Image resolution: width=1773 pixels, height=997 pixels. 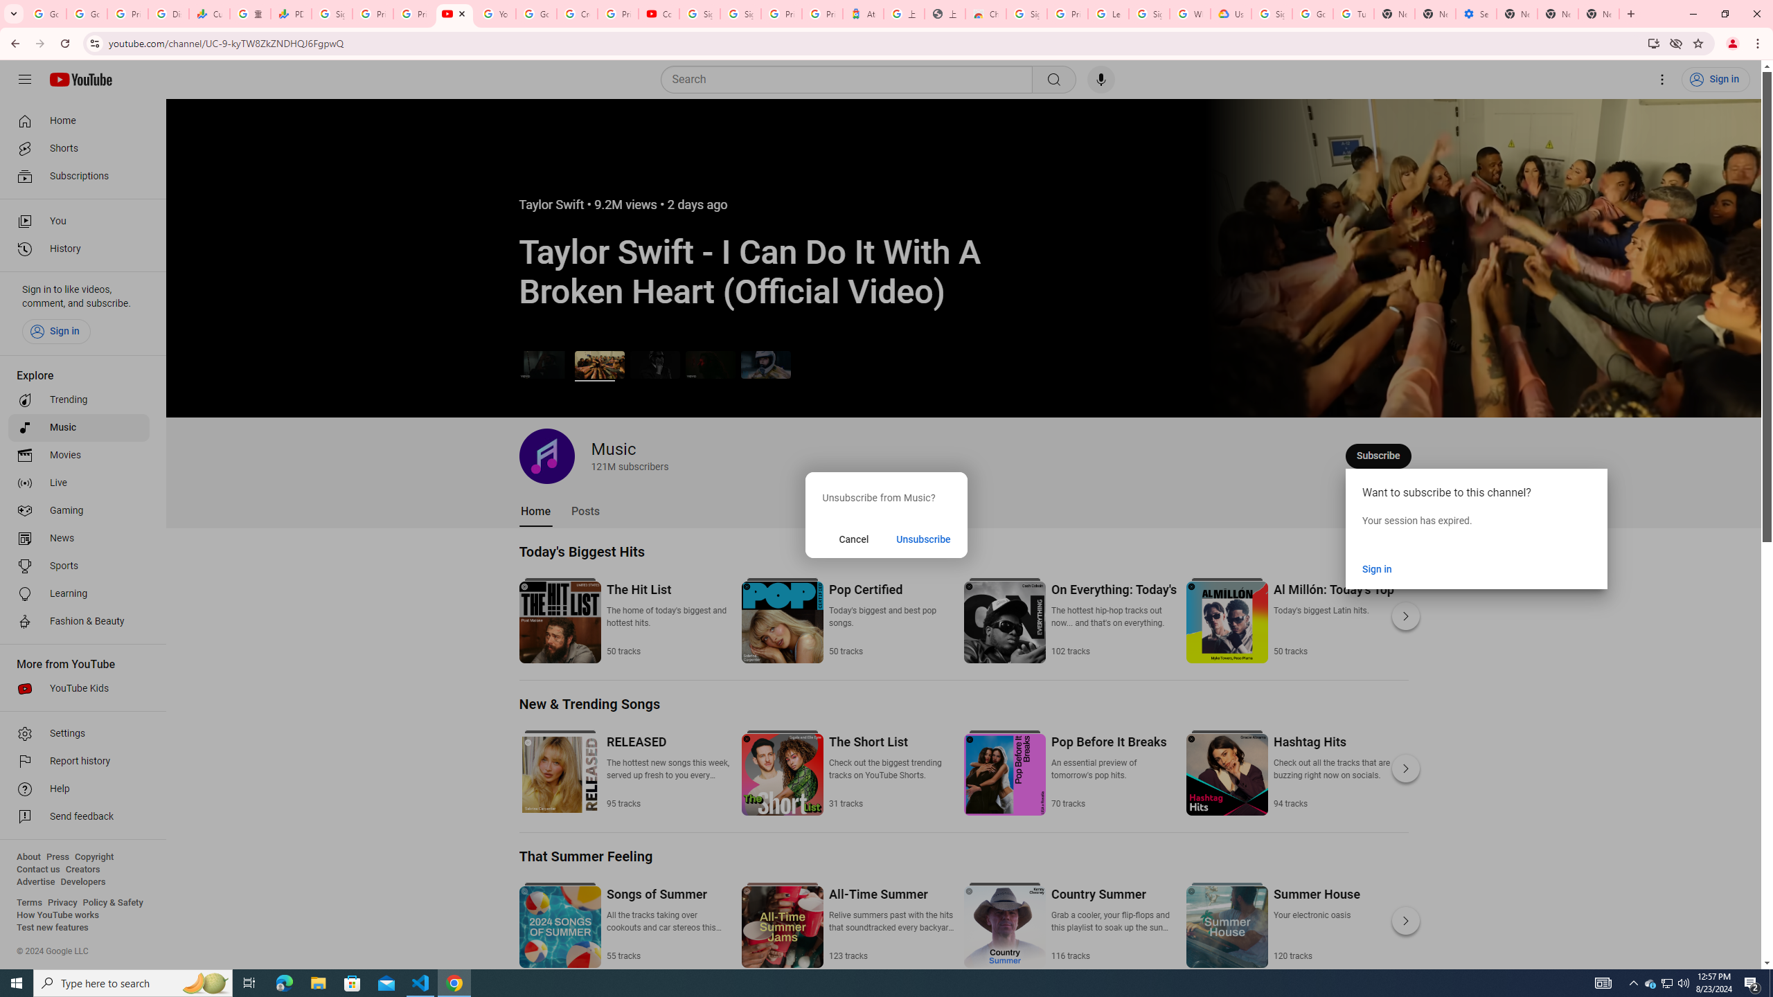 What do you see at coordinates (853, 539) in the screenshot?
I see `'Cancel'` at bounding box center [853, 539].